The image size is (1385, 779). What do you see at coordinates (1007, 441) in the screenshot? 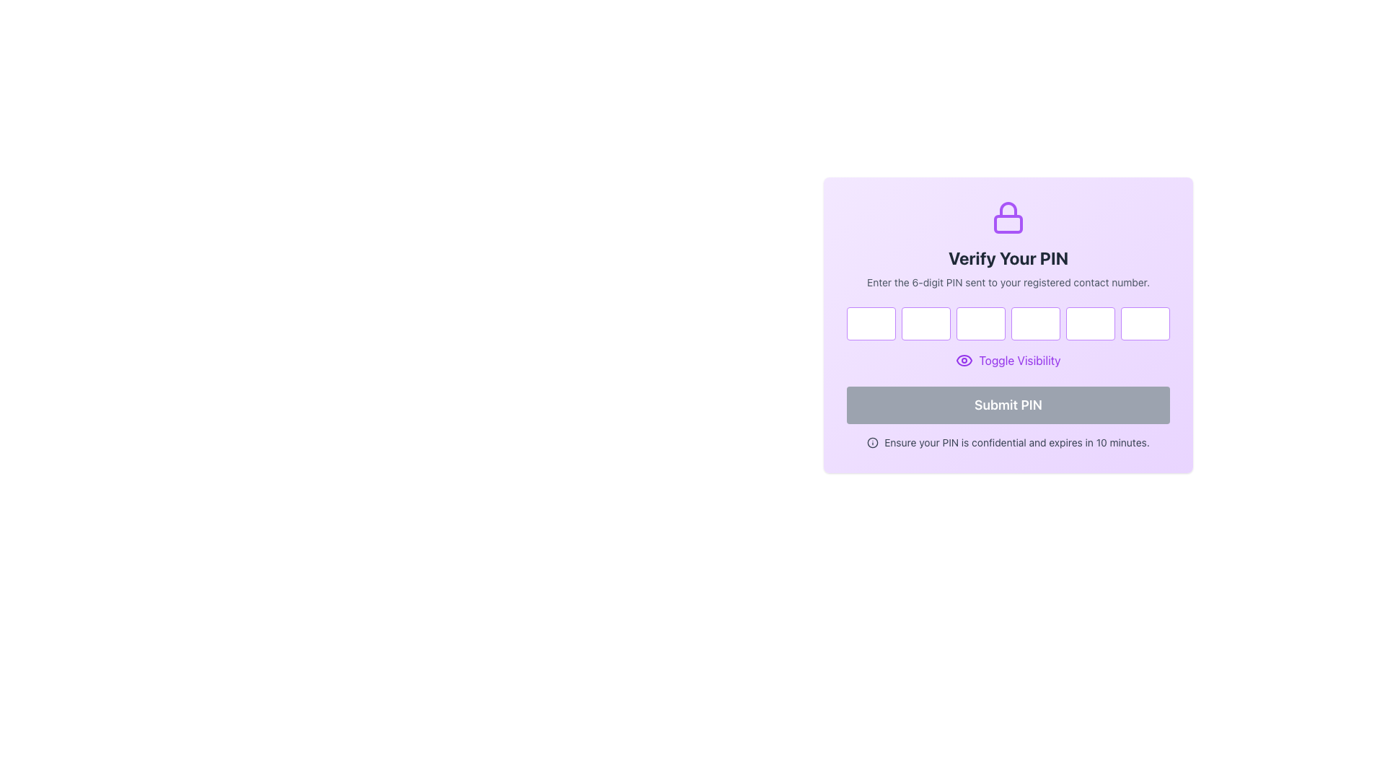
I see `the informational message with an icon located at the bottom of the dialog box, directly below the 'Submit PIN' button` at bounding box center [1007, 441].